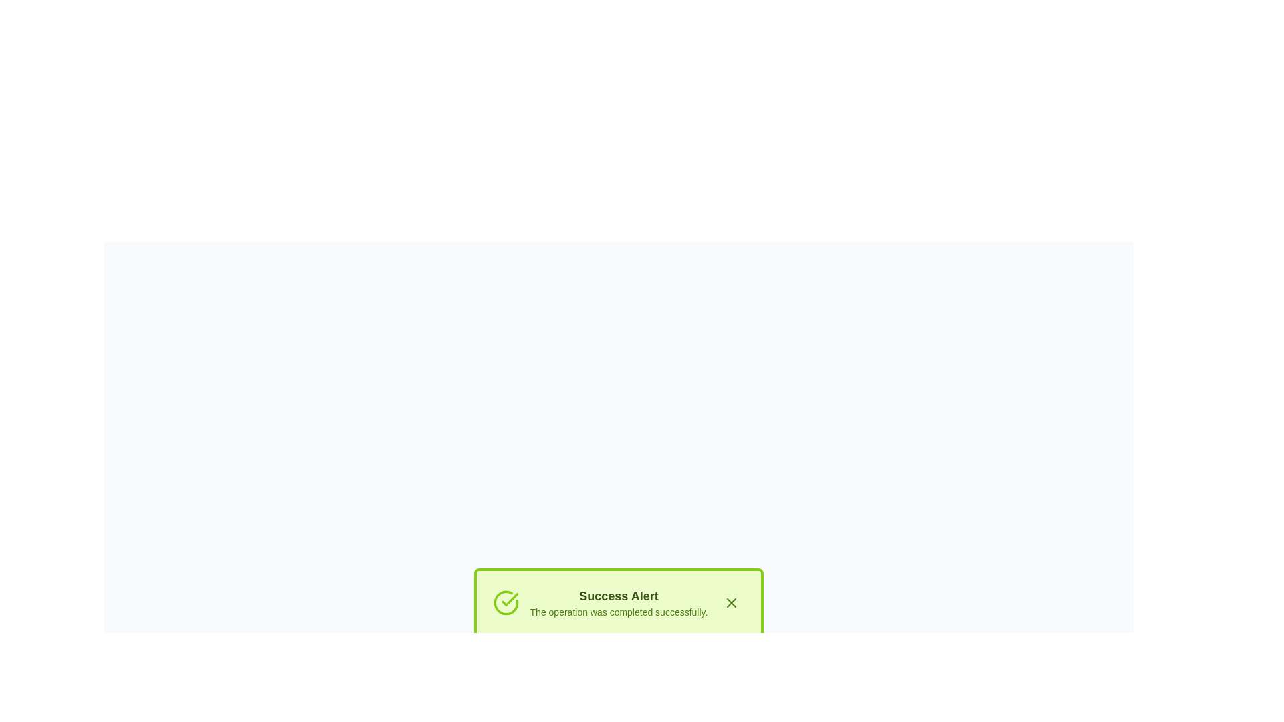 The image size is (1284, 722). What do you see at coordinates (731, 603) in the screenshot?
I see `the close button located in the top-right corner of the success alert message panel` at bounding box center [731, 603].